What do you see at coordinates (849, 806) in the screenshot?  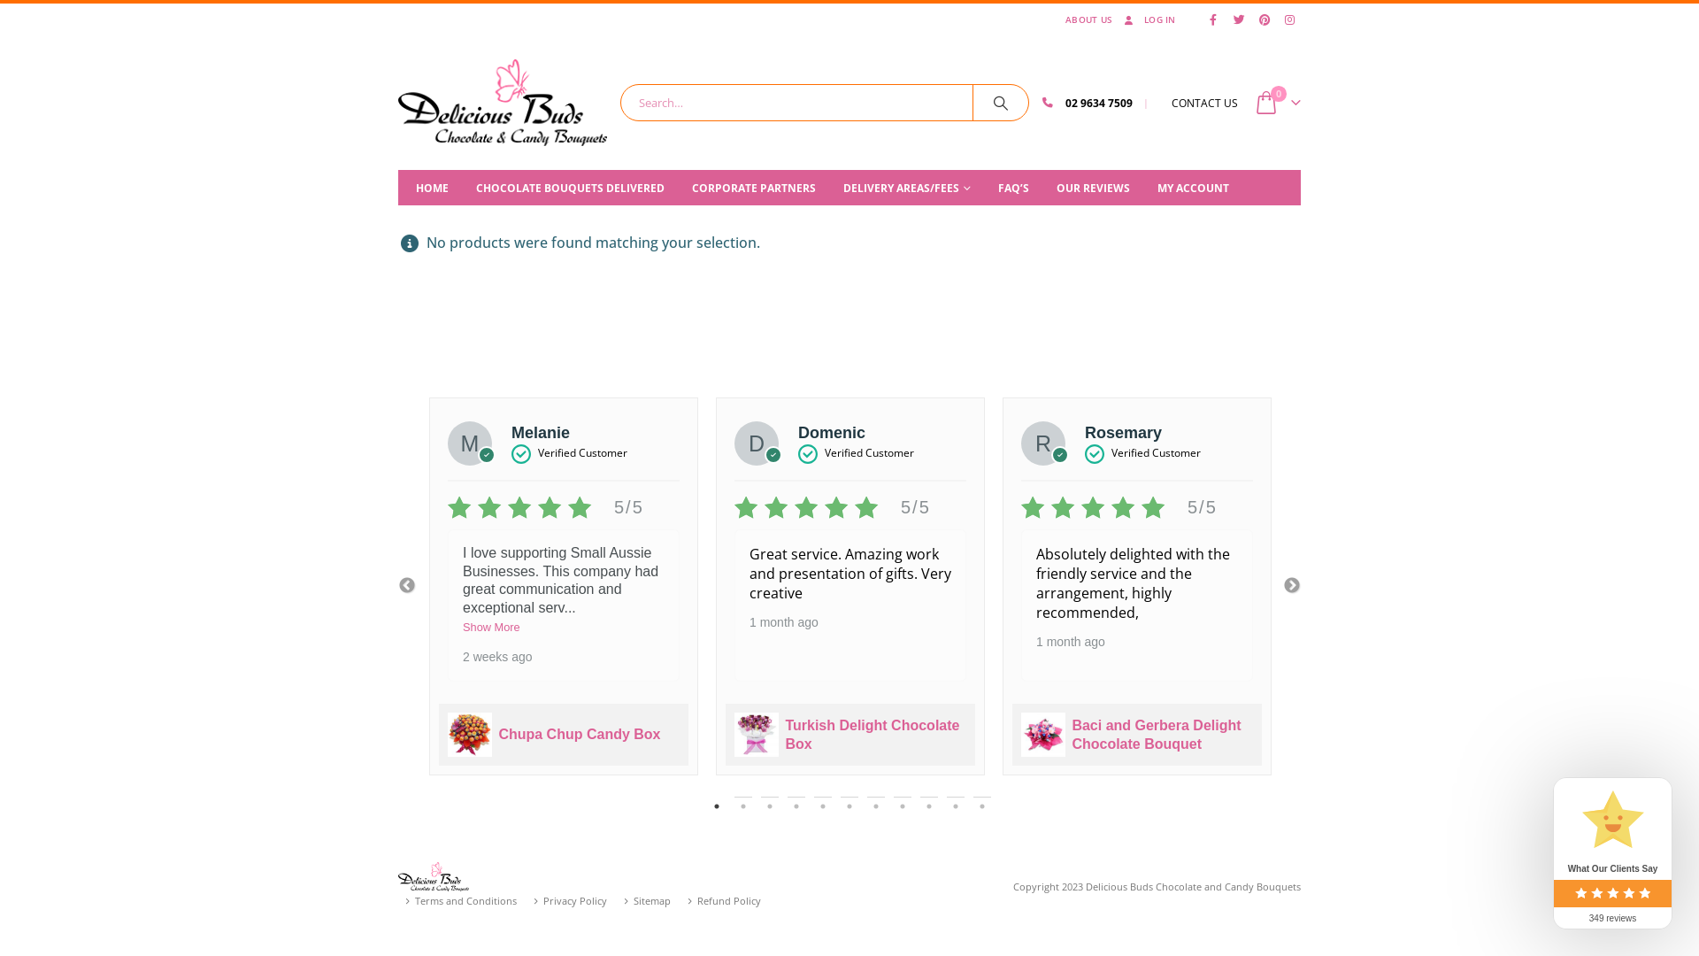 I see `'6'` at bounding box center [849, 806].